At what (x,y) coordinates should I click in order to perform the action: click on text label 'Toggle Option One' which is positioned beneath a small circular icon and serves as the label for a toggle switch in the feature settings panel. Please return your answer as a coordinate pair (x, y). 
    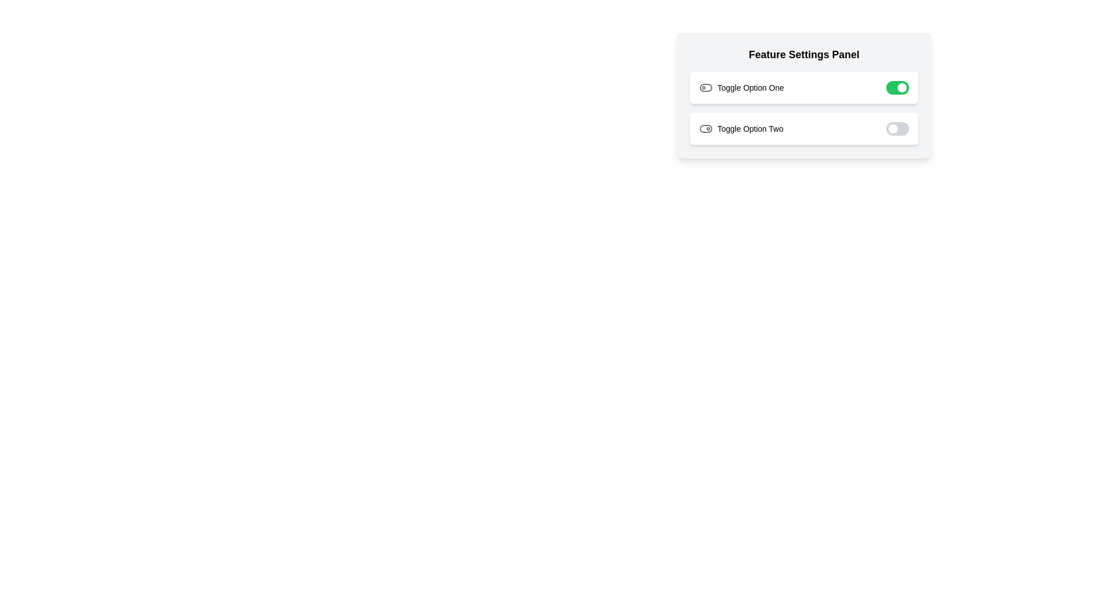
    Looking at the image, I should click on (751, 87).